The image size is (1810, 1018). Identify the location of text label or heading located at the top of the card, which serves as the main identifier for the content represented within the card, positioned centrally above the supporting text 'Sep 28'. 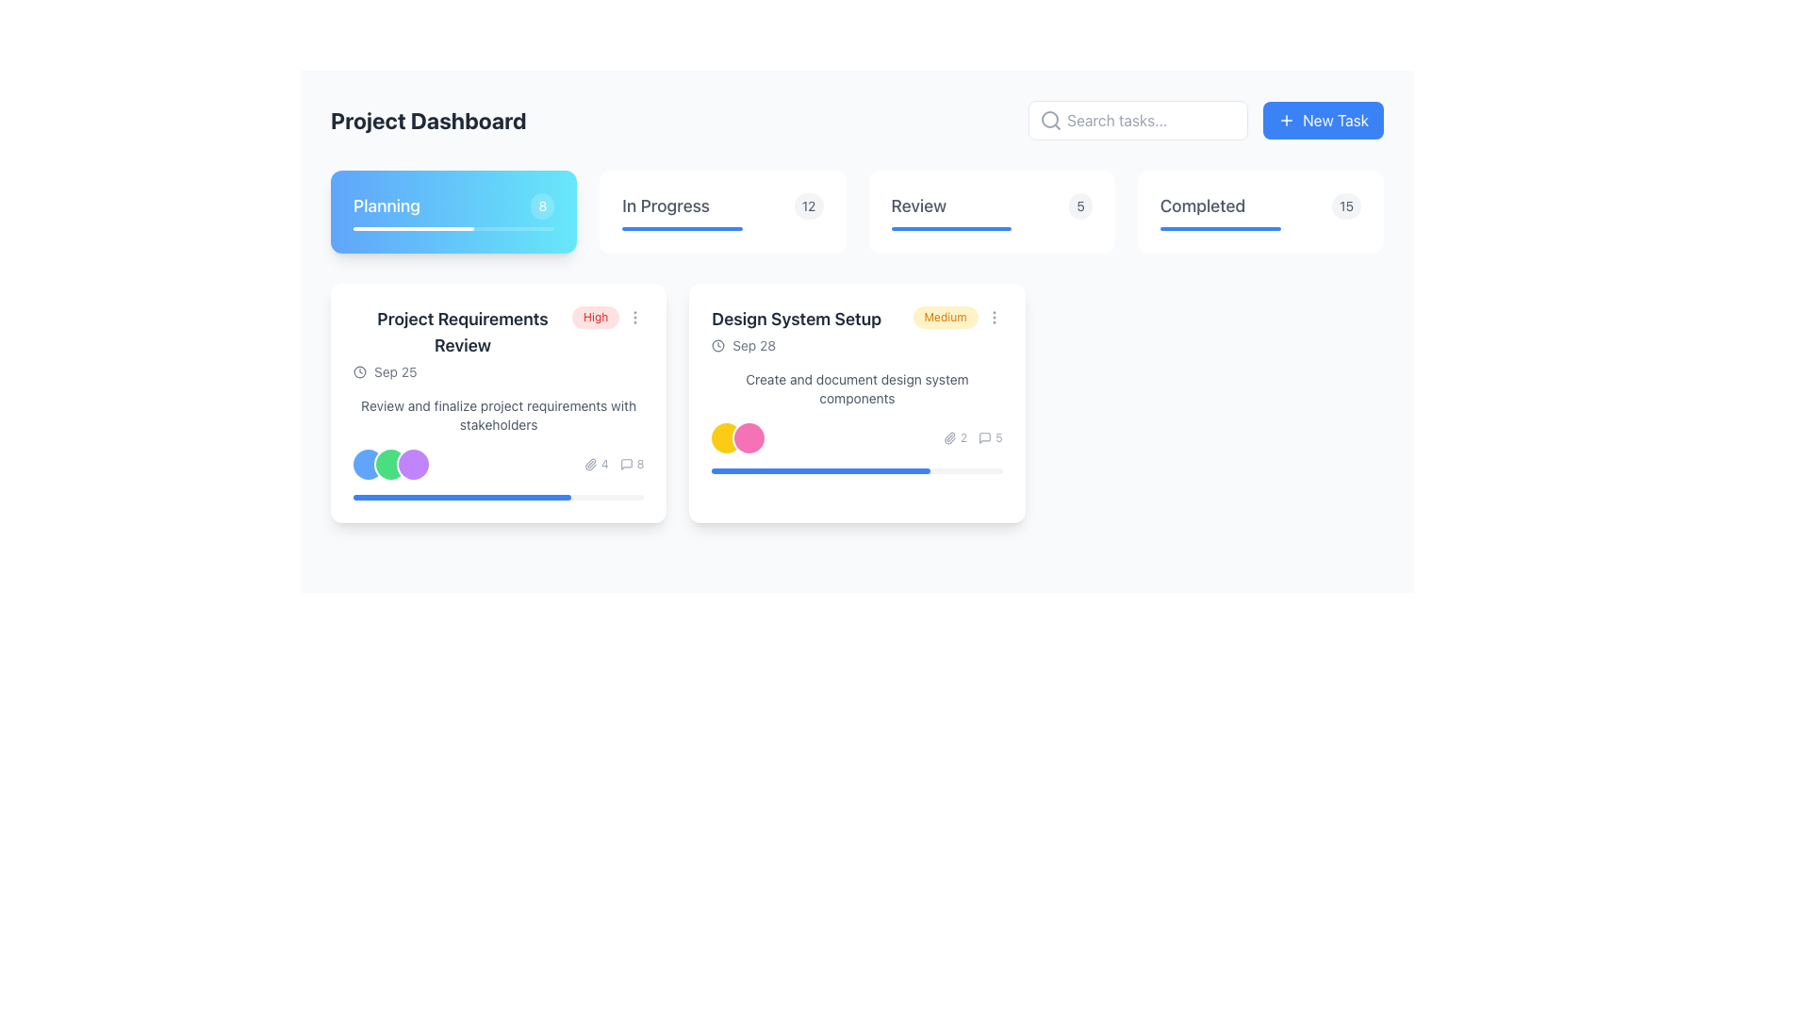
(797, 319).